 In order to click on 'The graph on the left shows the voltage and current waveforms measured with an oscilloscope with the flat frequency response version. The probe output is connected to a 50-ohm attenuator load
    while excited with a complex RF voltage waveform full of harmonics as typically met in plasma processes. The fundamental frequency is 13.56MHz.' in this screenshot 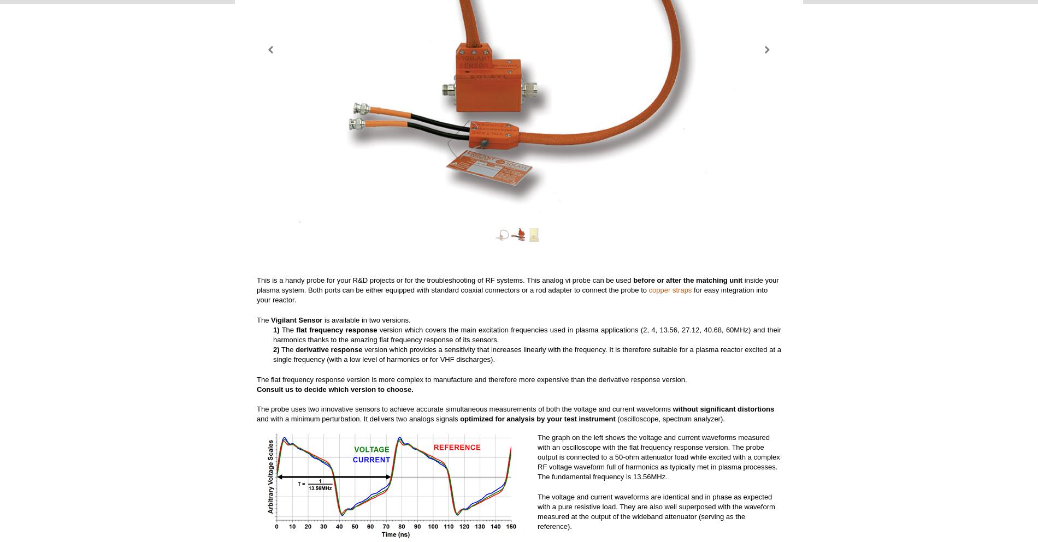, I will do `click(658, 456)`.